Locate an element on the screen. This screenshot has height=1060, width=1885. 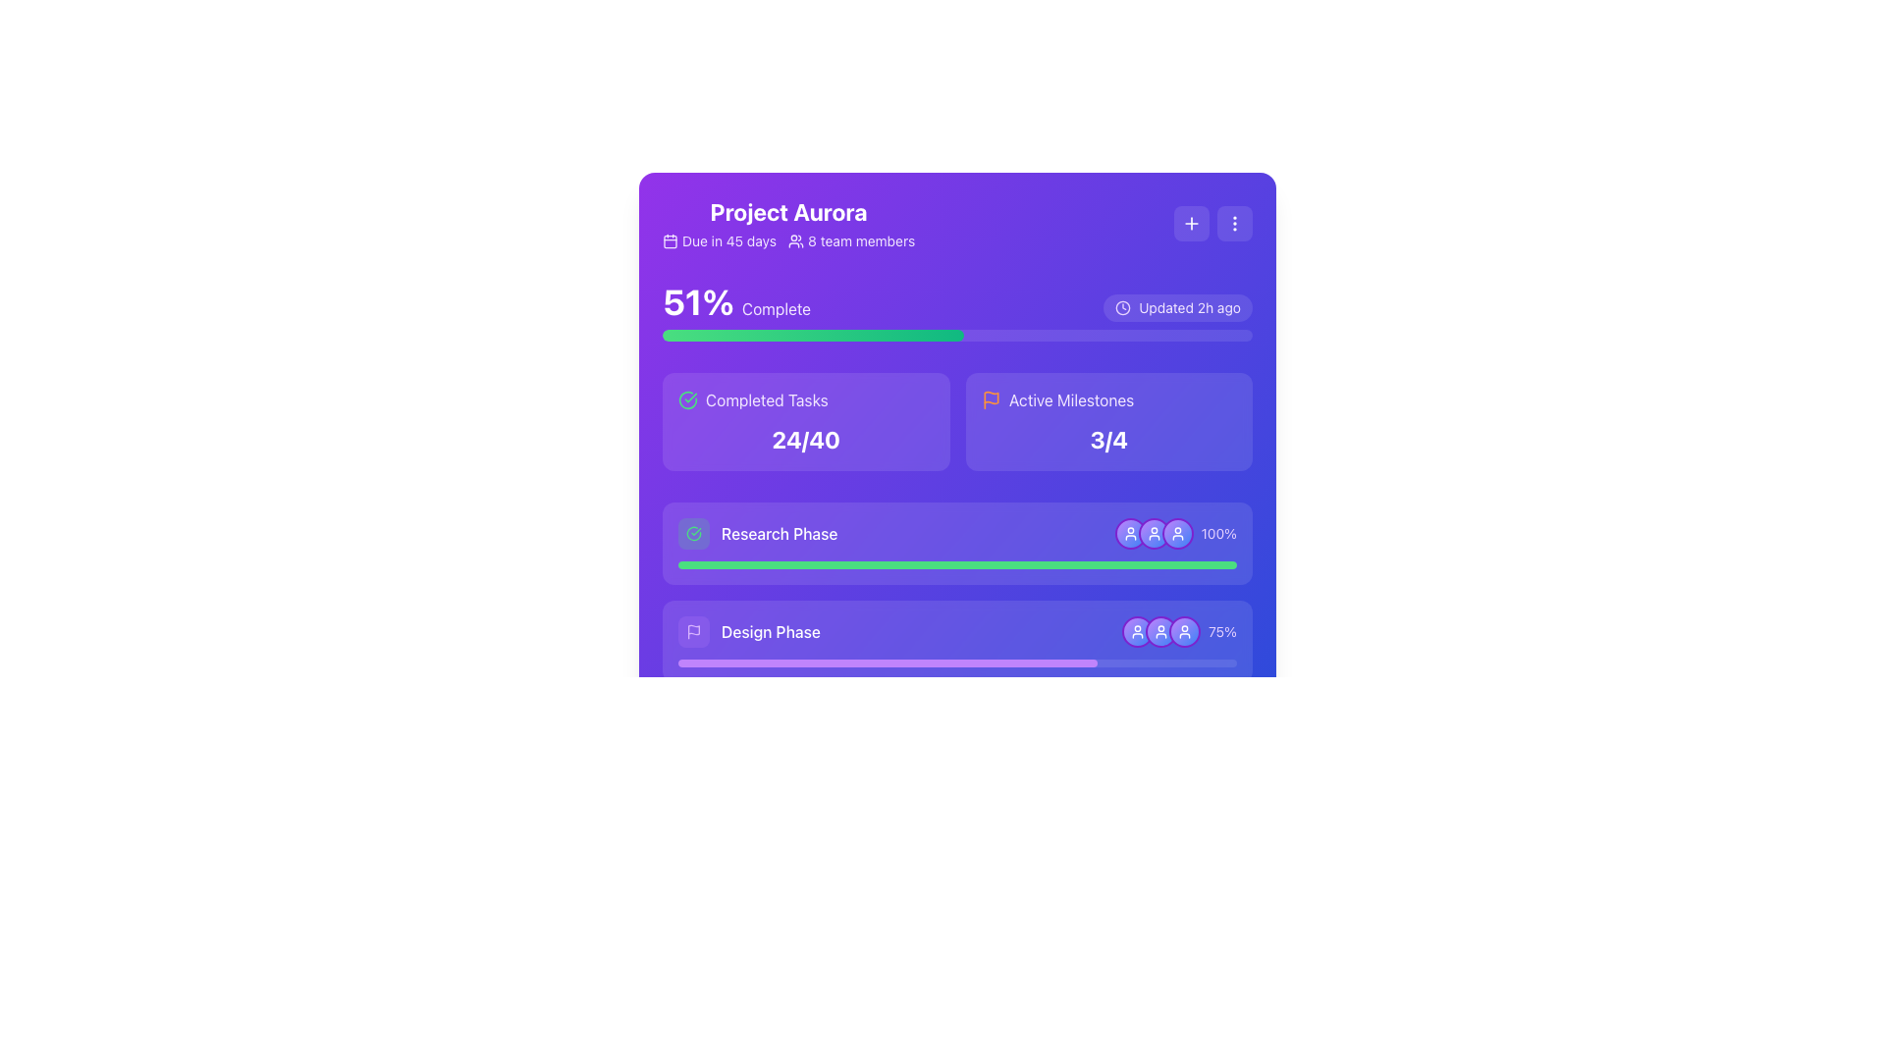
the horizontal progress bar with a purple background indicating progress in the 'Design Phase' section is located at coordinates (957, 662).